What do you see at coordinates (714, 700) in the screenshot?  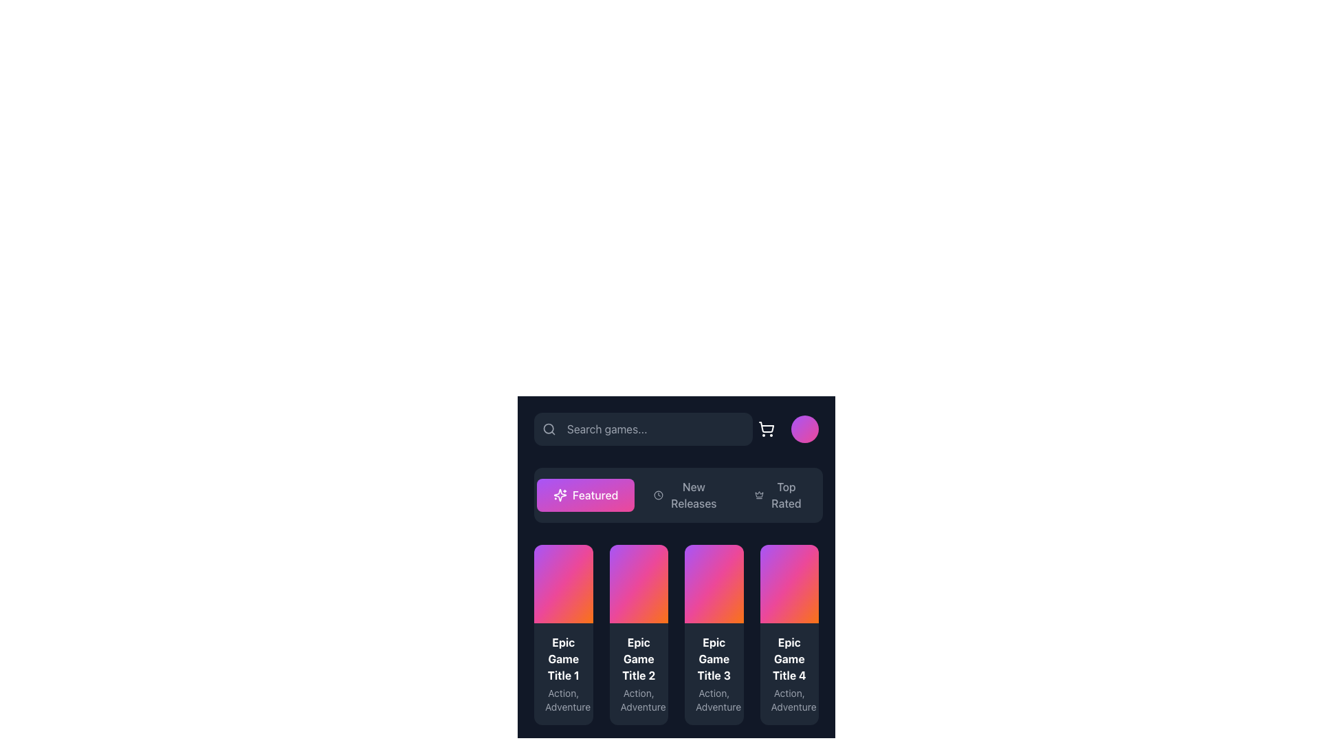 I see `the text label displaying the genres 'Action, Adventure' in light gray, located below the title 'Epic Game Title 3'` at bounding box center [714, 700].